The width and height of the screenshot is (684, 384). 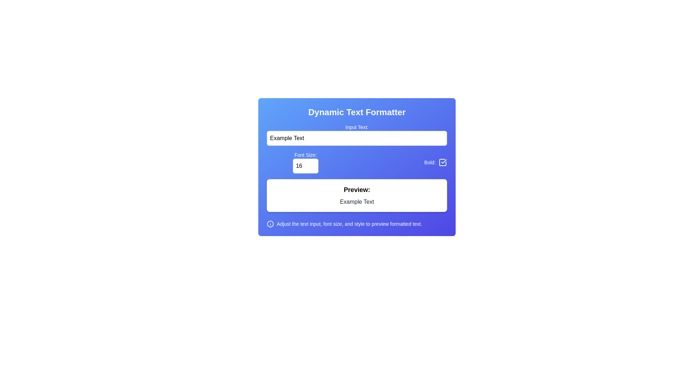 I want to click on the toggle checkbox for bold formatting, located to the right of the text 'Bold:', so click(x=442, y=162).